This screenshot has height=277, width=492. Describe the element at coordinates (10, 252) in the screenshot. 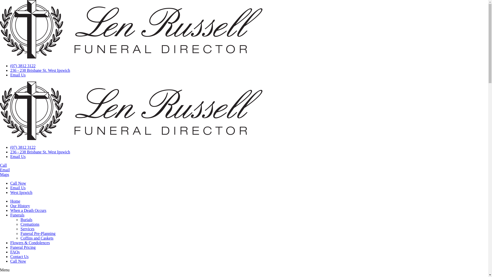

I see `'FAQs'` at that location.